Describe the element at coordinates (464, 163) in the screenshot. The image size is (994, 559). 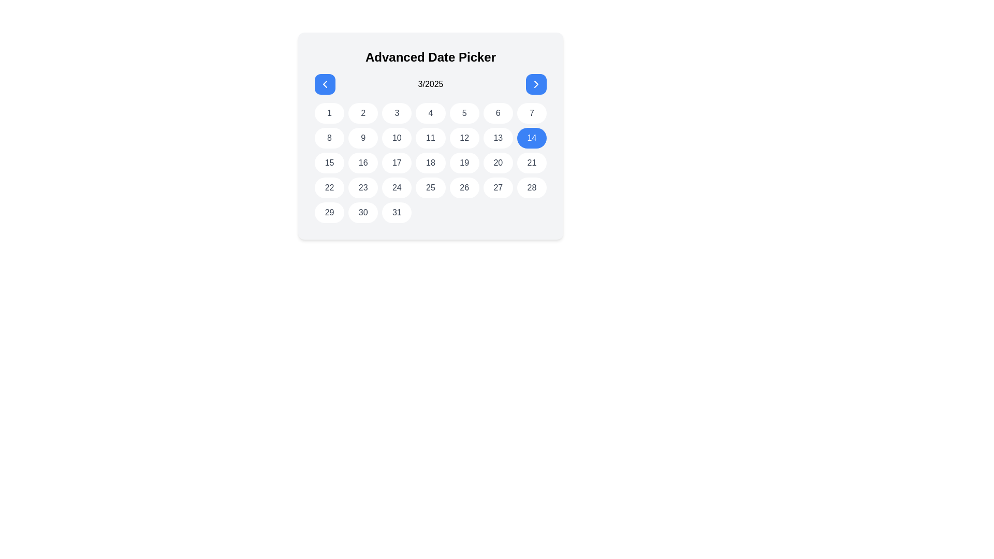
I see `the calendar day button located in the fifth column and third row of the date picker` at that location.